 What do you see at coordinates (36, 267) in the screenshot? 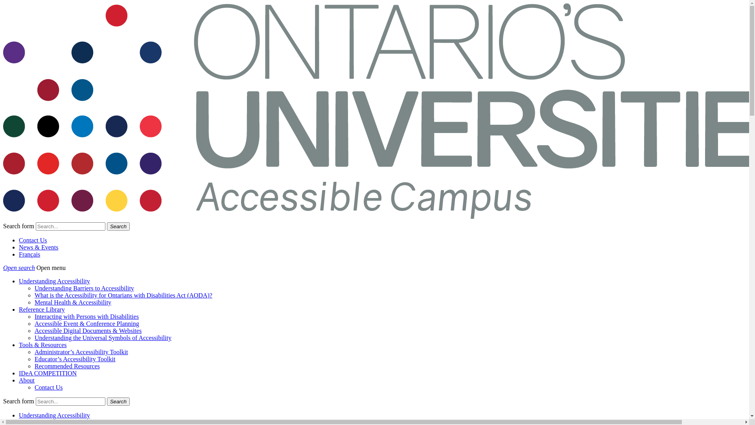
I see `'Open menu'` at bounding box center [36, 267].